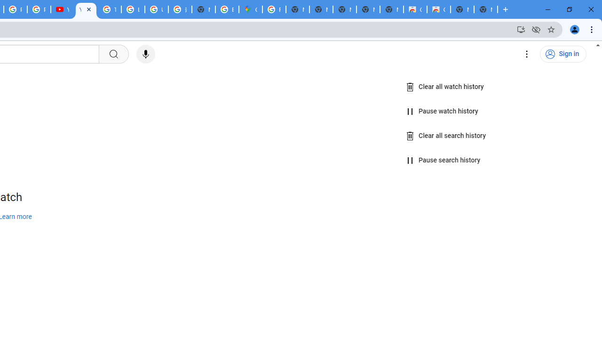  Describe the element at coordinates (446, 136) in the screenshot. I see `'Clear all search history'` at that location.